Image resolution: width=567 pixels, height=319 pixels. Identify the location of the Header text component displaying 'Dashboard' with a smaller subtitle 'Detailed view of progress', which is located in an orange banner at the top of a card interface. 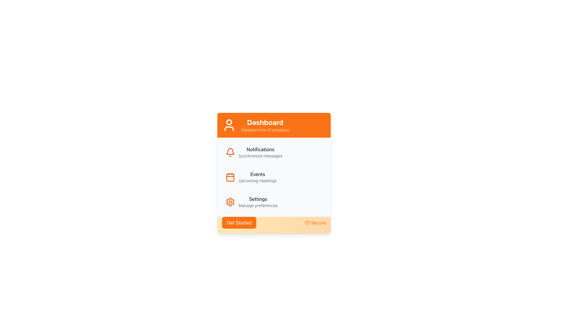
(265, 125).